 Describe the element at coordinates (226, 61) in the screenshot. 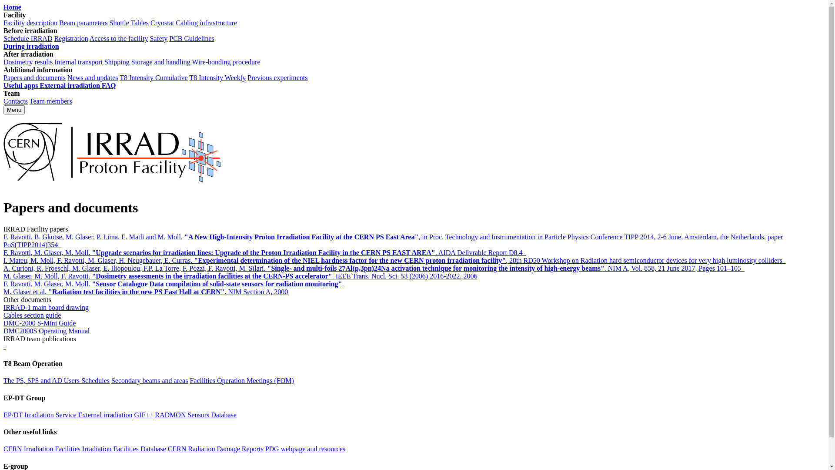

I see `'Wire-bonding procedure'` at that location.